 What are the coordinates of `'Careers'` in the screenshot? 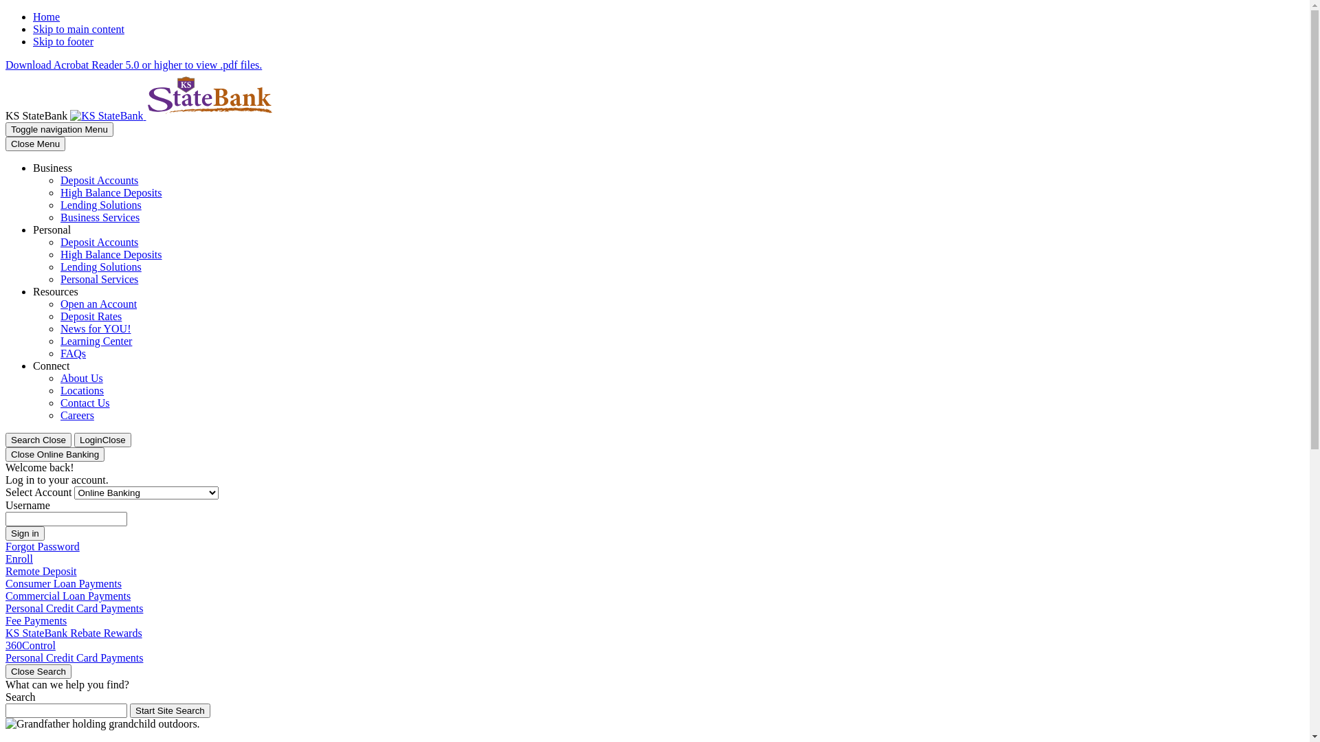 It's located at (76, 414).